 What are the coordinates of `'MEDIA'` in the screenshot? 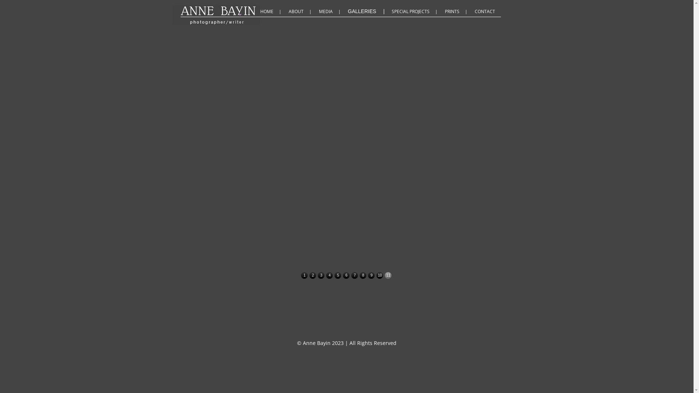 It's located at (330, 11).